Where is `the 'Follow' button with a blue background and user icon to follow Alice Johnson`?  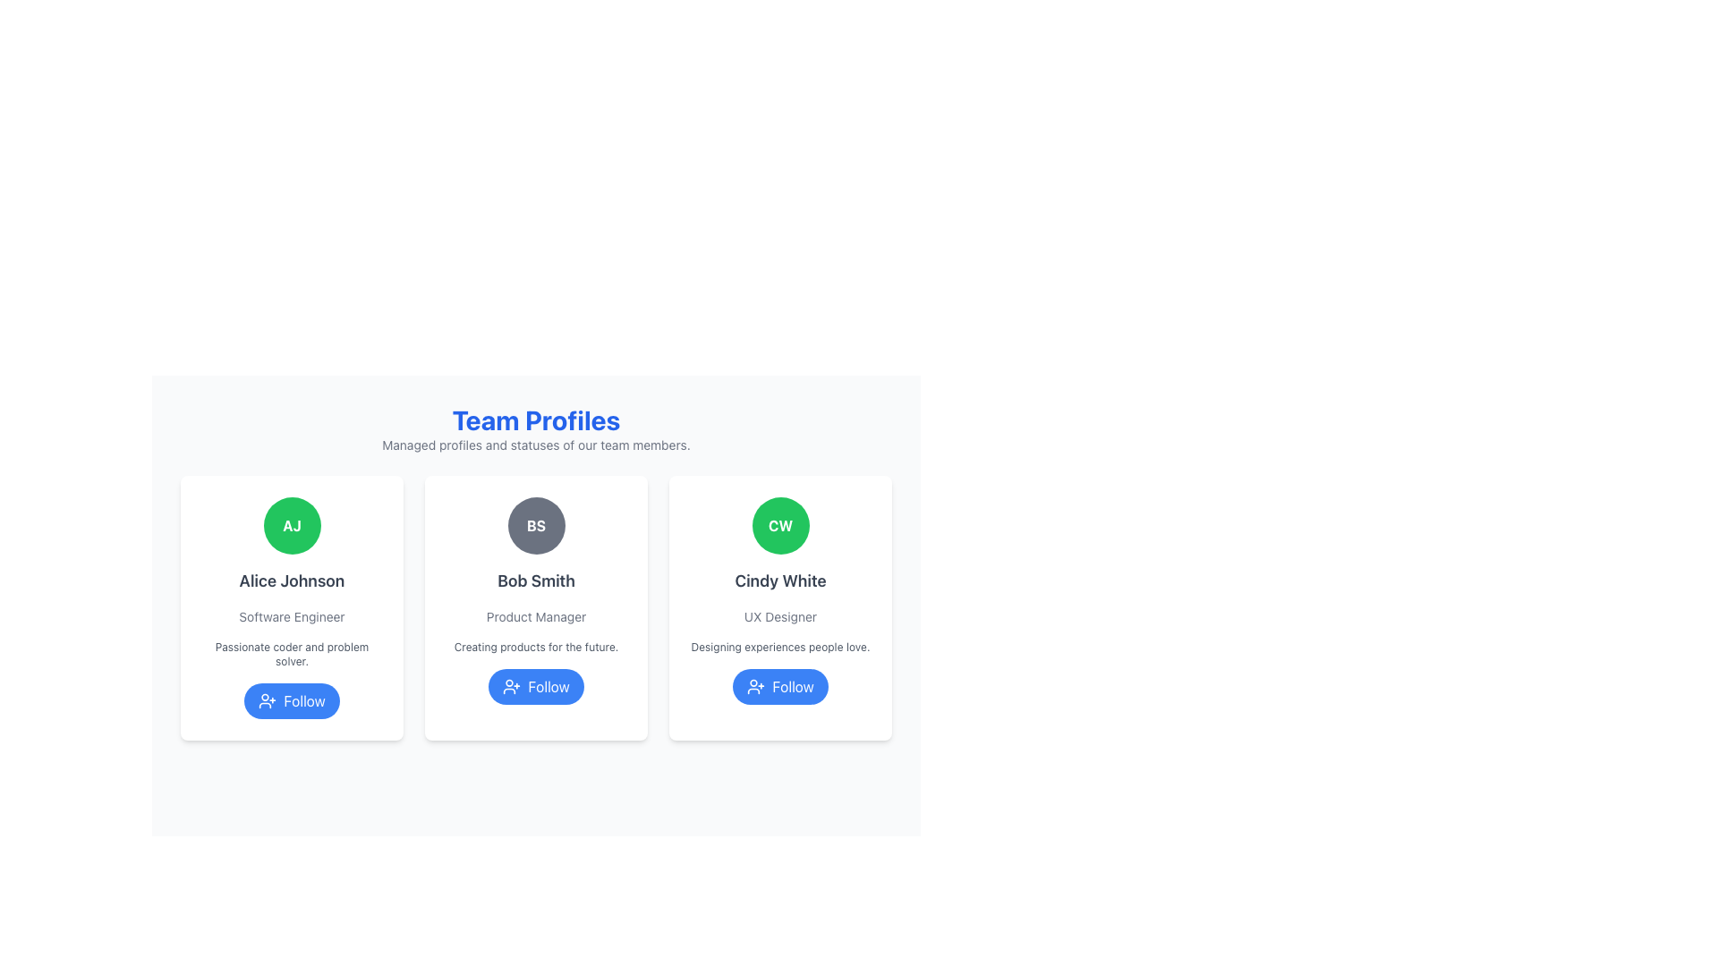 the 'Follow' button with a blue background and user icon to follow Alice Johnson is located at coordinates (292, 699).